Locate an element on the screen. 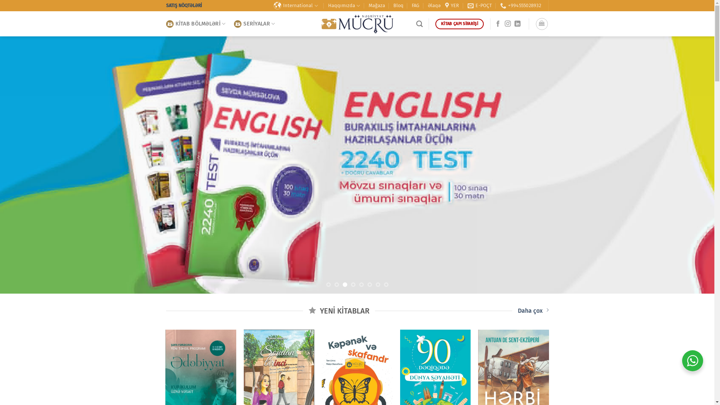 The width and height of the screenshot is (720, 405). 'Bloq' is located at coordinates (398, 6).